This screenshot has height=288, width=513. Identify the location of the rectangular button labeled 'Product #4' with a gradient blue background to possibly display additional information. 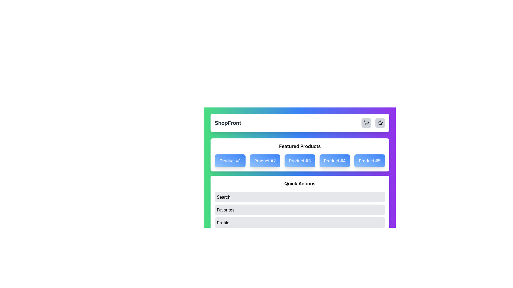
(334, 160).